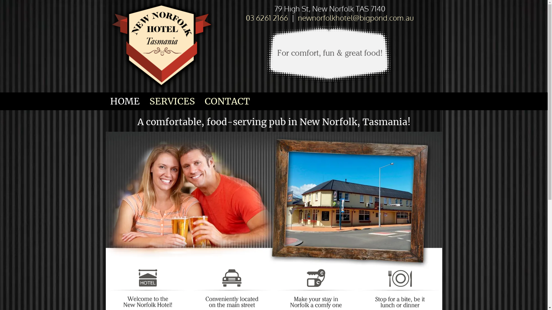 Image resolution: width=552 pixels, height=310 pixels. What do you see at coordinates (149, 101) in the screenshot?
I see `'SERVICES'` at bounding box center [149, 101].